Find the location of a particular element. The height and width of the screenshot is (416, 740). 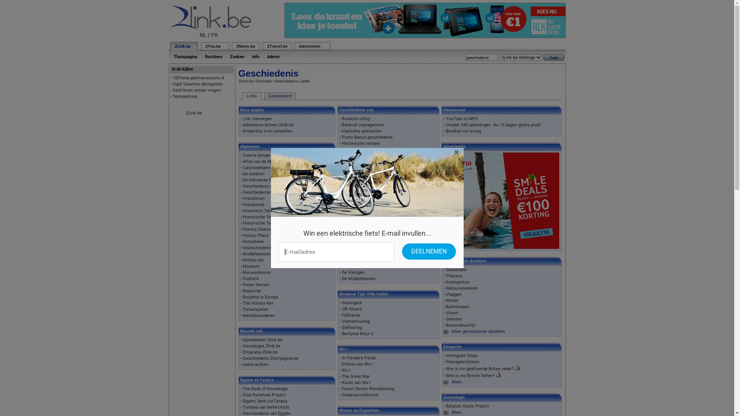

'Zoek' is located at coordinates (553, 57).